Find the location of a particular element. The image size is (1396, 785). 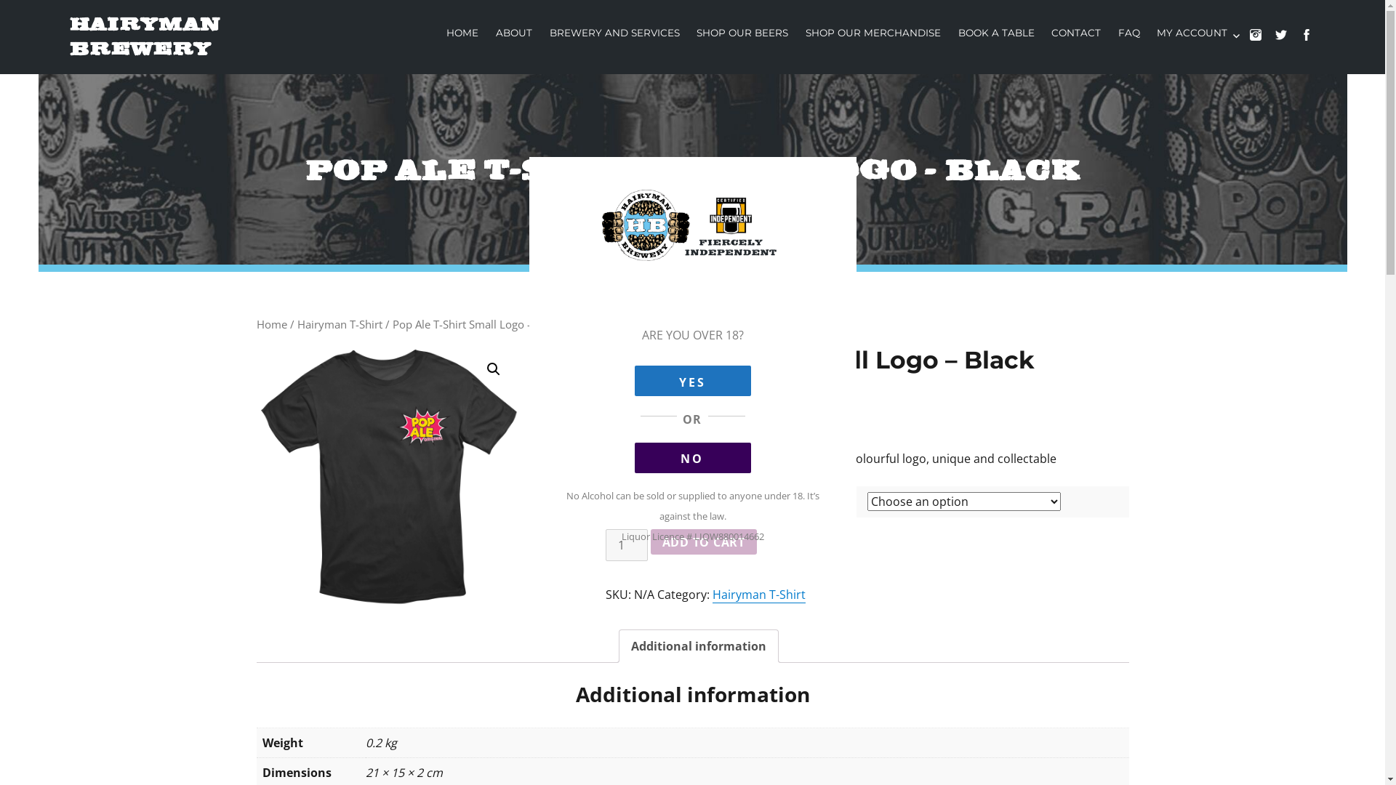

'SHOP OUR BEERS' is located at coordinates (742, 33).